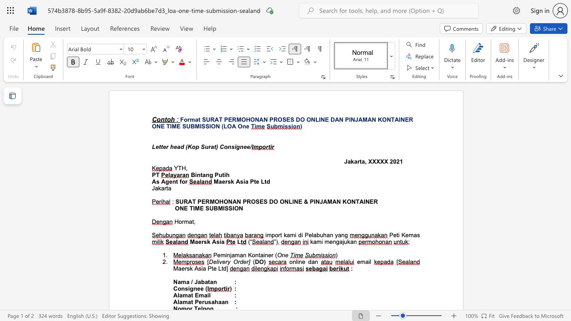  Describe the element at coordinates (257, 255) in the screenshot. I see `the space between the continuous character "n" and "t" in the text` at that location.